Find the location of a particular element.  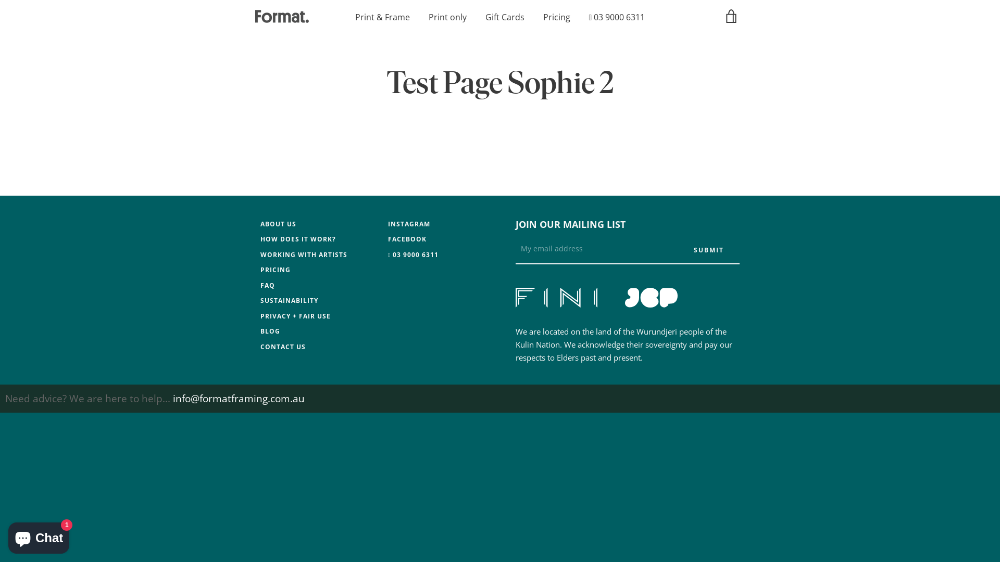

'Submit' is located at coordinates (678, 250).